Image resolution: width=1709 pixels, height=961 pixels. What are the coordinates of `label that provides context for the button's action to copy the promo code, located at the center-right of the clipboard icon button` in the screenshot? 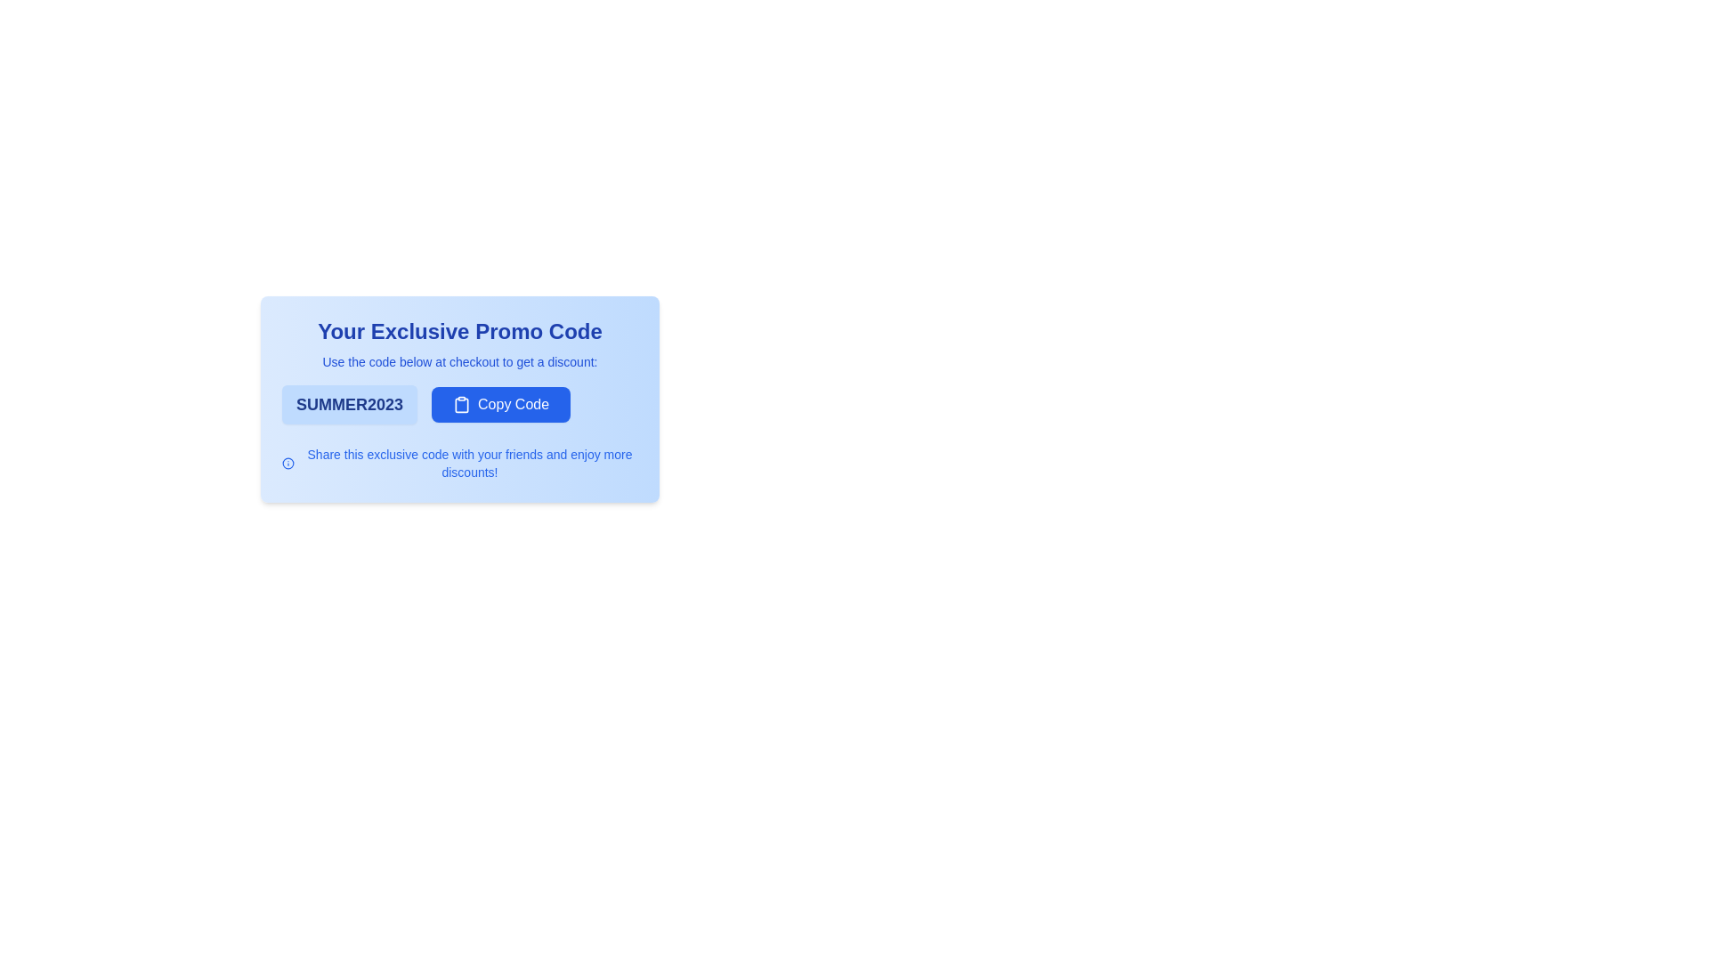 It's located at (513, 405).